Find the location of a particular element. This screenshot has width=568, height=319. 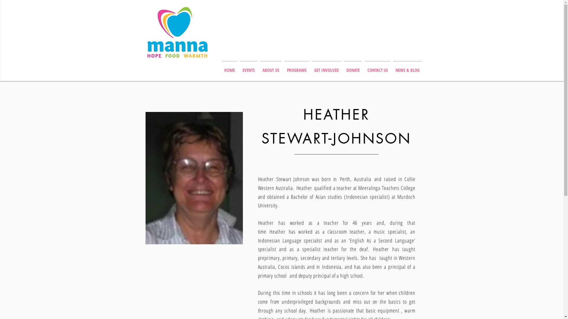

'NEWS & BLOG' is located at coordinates (392, 67).